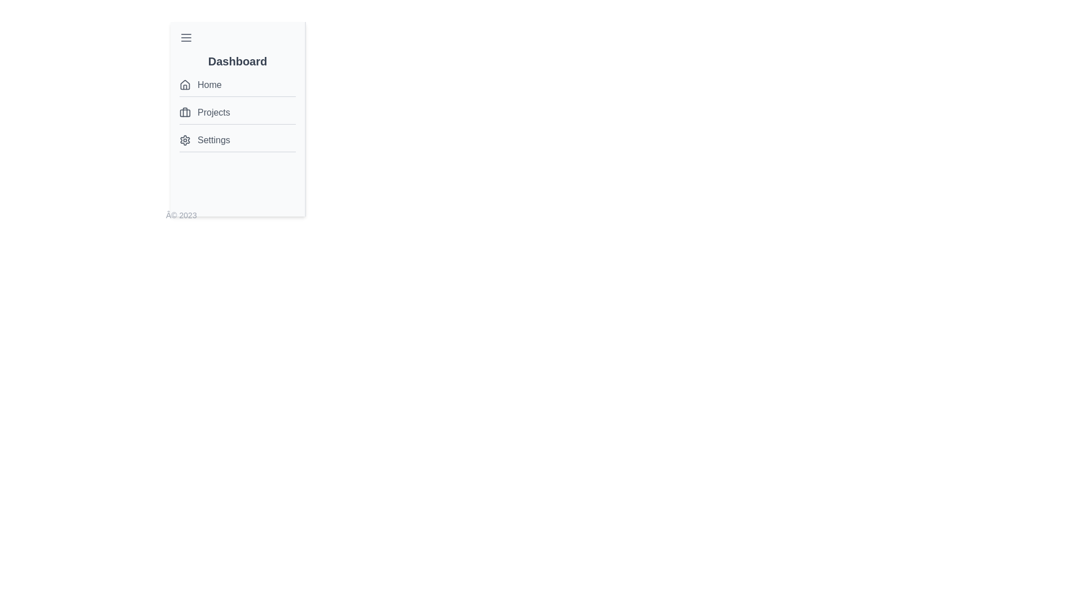 The width and height of the screenshot is (1084, 609). Describe the element at coordinates (186, 37) in the screenshot. I see `the menu icon to open the menu` at that location.